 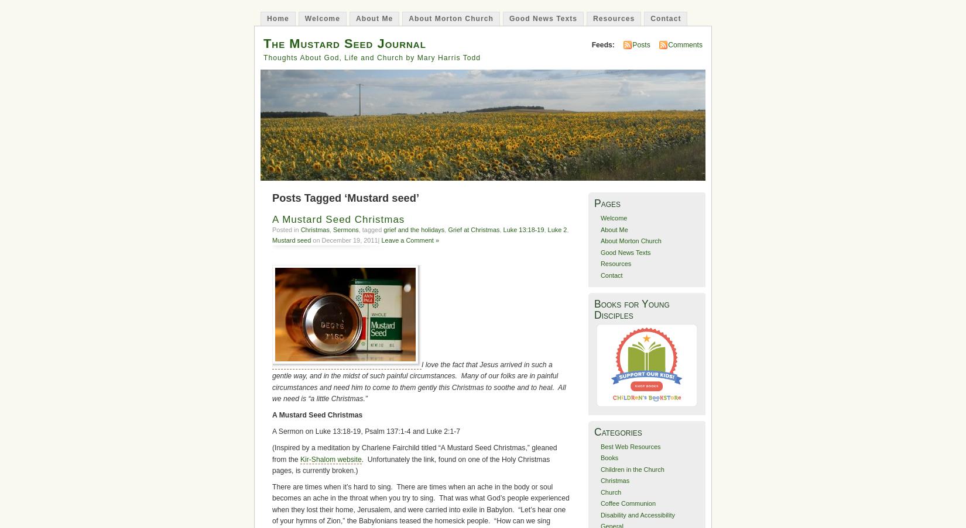 I want to click on ', tagged', so click(x=370, y=229).